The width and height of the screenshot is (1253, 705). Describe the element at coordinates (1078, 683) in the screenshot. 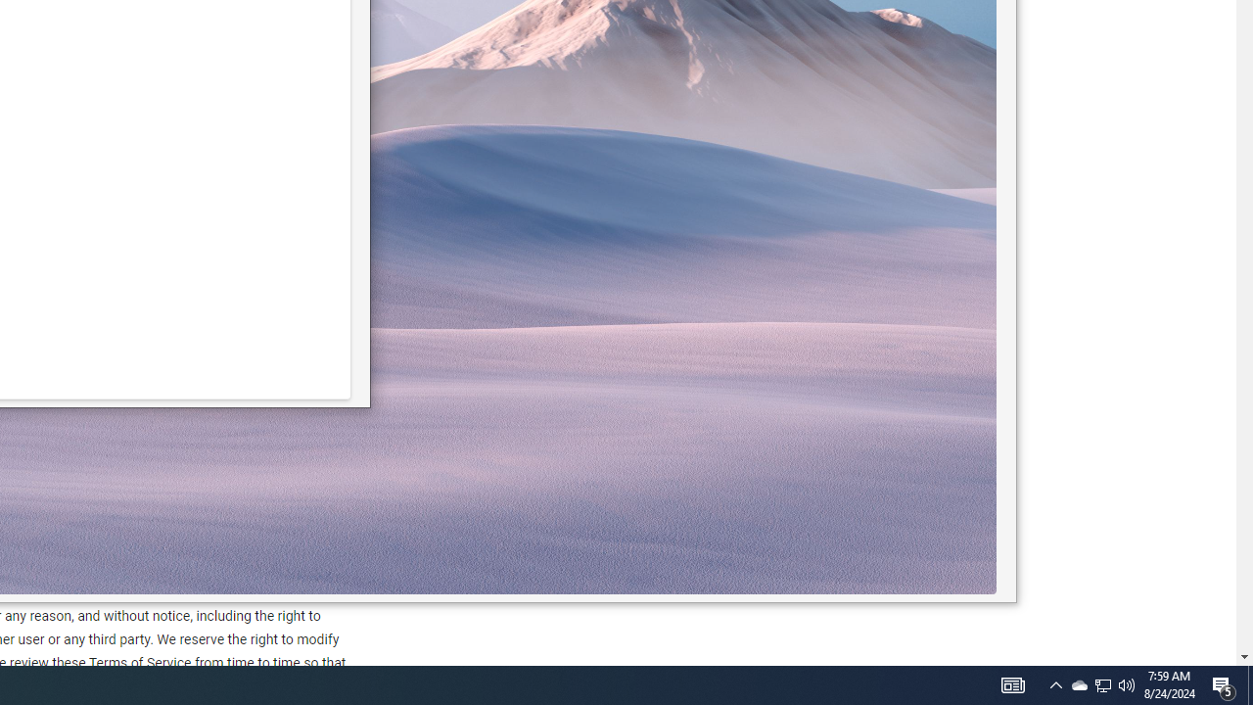

I see `'Q2790: 100%'` at that location.